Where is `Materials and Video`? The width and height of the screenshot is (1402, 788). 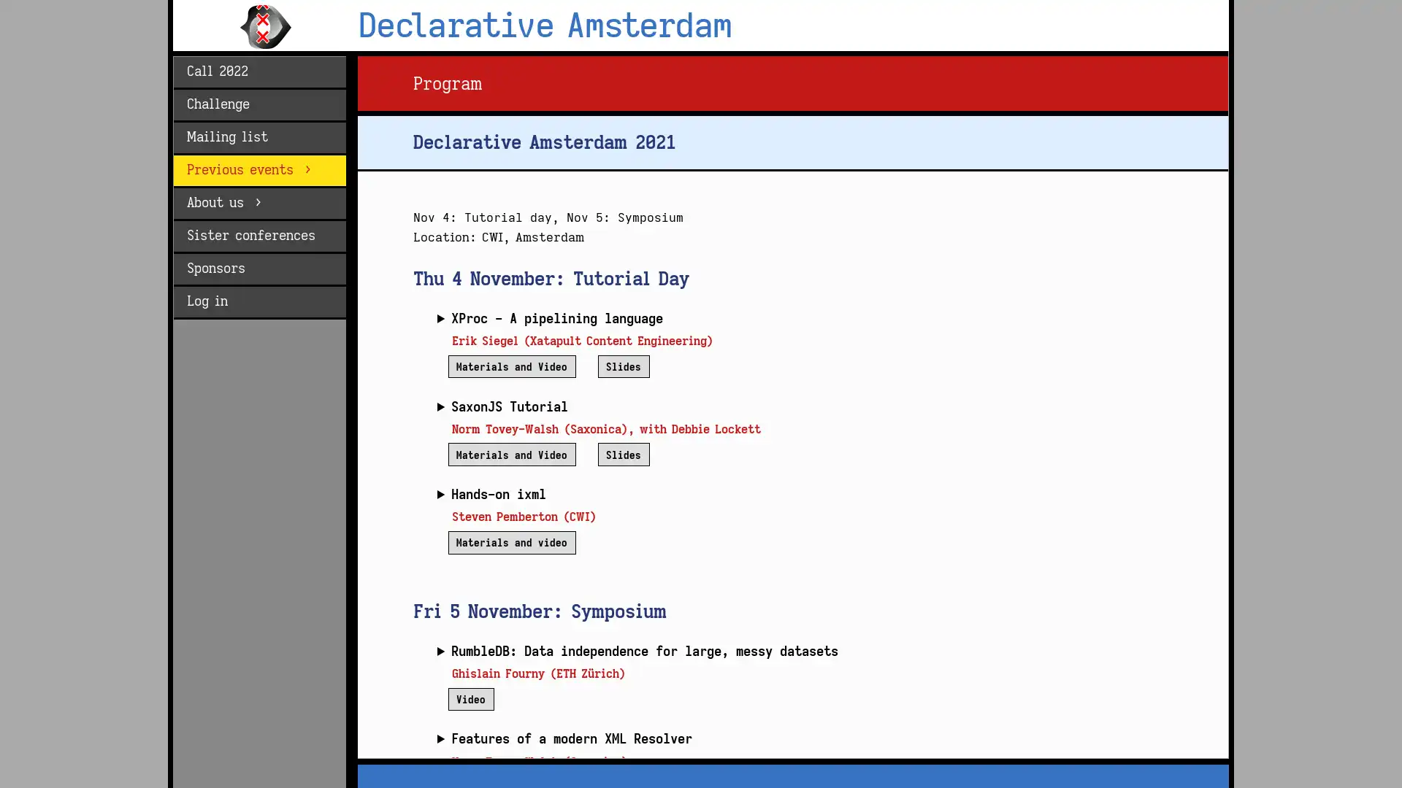 Materials and Video is located at coordinates (511, 365).